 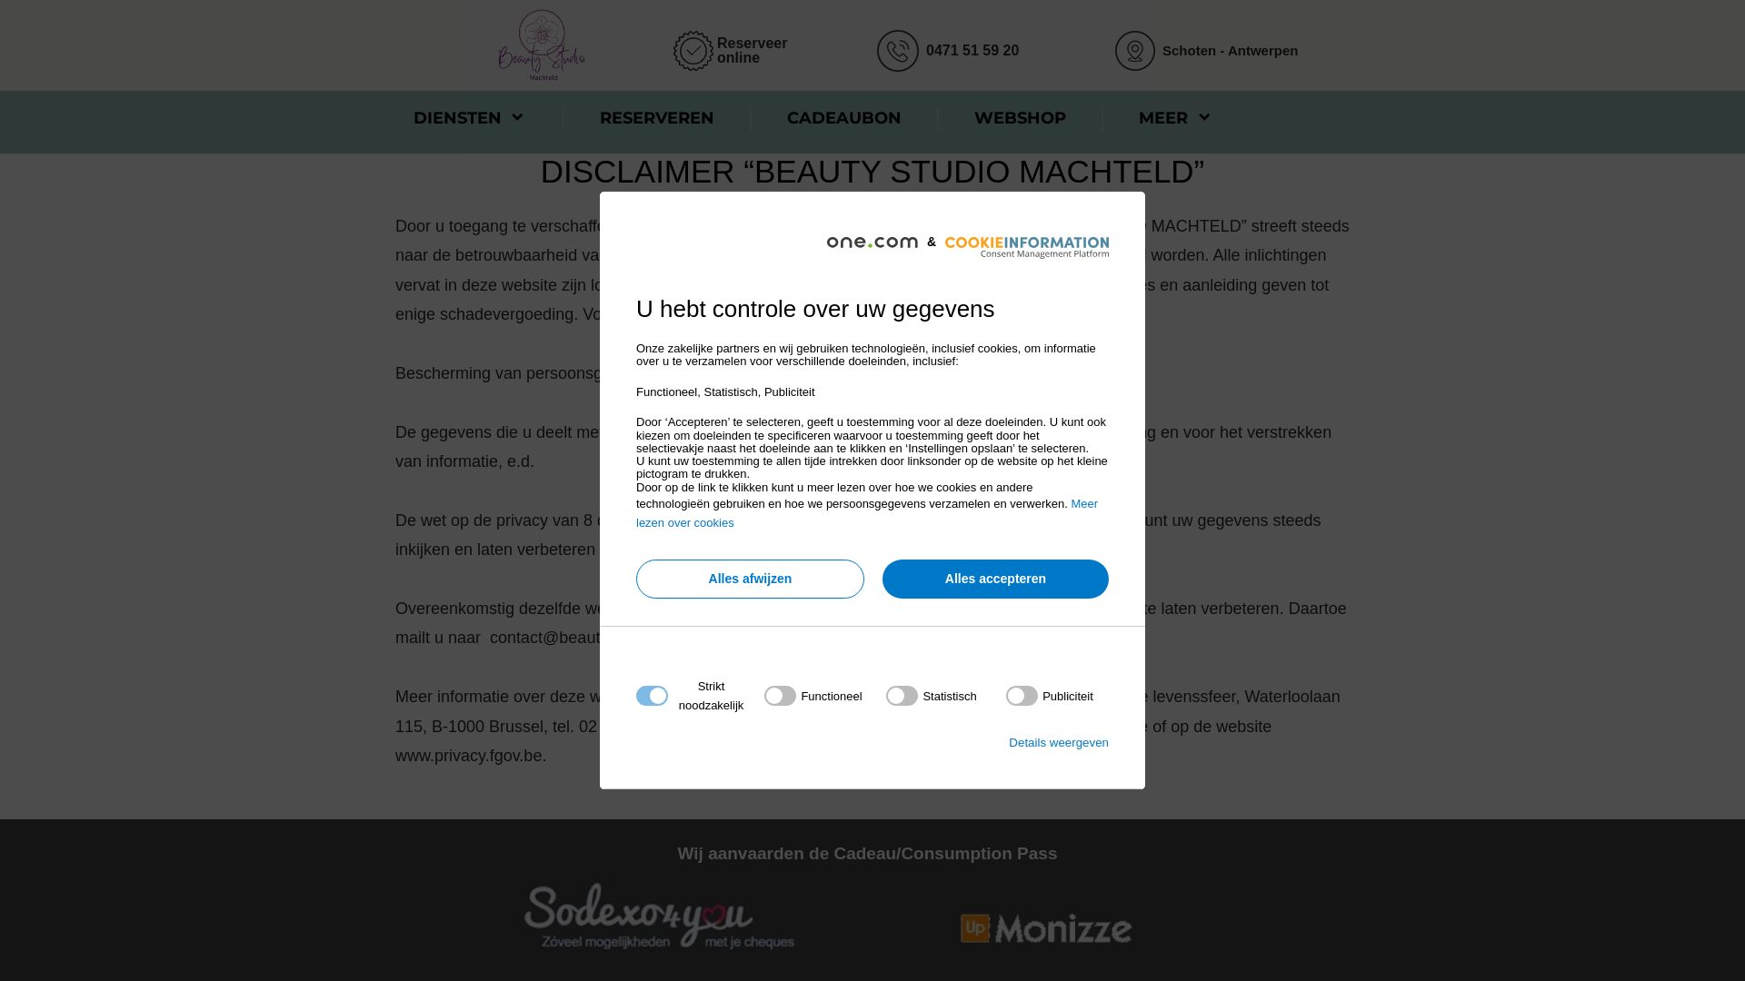 I want to click on 'WEBSHOP', so click(x=954, y=118).